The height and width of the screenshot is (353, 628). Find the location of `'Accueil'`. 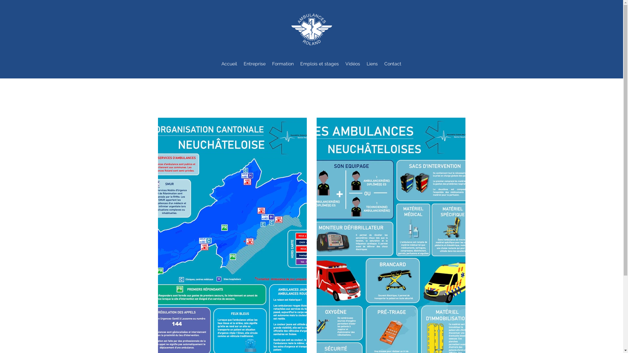

'Accueil' is located at coordinates (229, 64).